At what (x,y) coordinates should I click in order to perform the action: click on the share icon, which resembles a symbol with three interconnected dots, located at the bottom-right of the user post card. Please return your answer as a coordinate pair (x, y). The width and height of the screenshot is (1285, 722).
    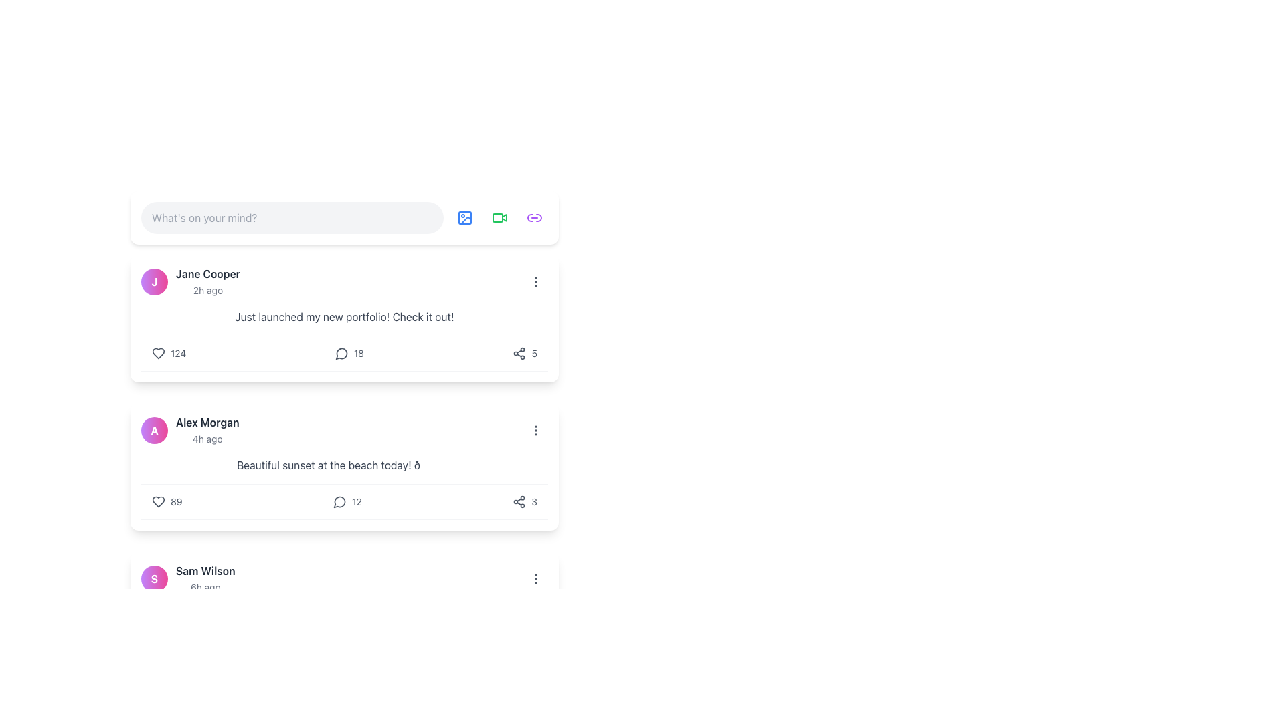
    Looking at the image, I should click on (519, 352).